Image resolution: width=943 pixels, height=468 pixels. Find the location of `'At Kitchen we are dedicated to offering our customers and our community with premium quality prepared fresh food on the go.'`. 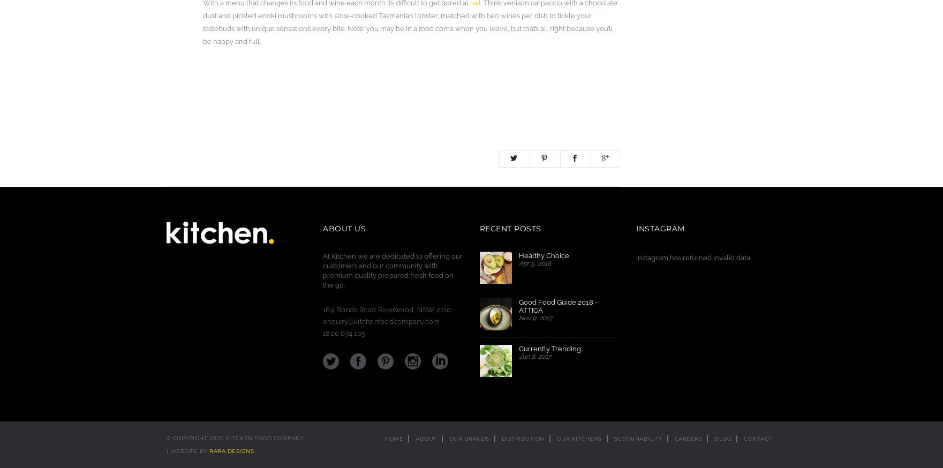

'At Kitchen we are dedicated to offering our customers and our community with premium quality prepared fresh food on the go.' is located at coordinates (393, 270).